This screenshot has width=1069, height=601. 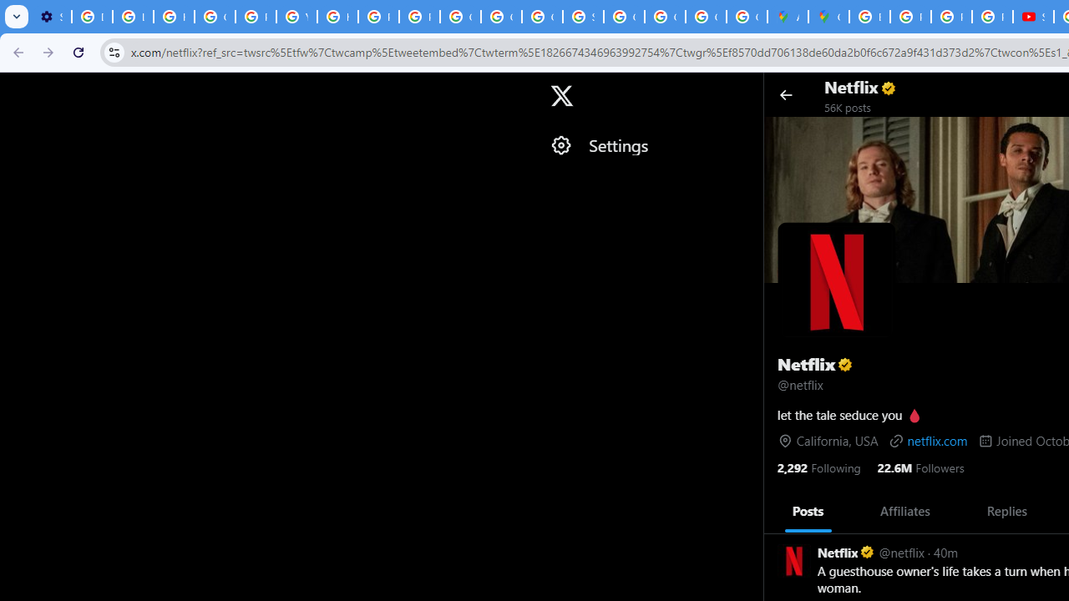 What do you see at coordinates (14, 88) in the screenshot?
I see `'Skip to trending'` at bounding box center [14, 88].